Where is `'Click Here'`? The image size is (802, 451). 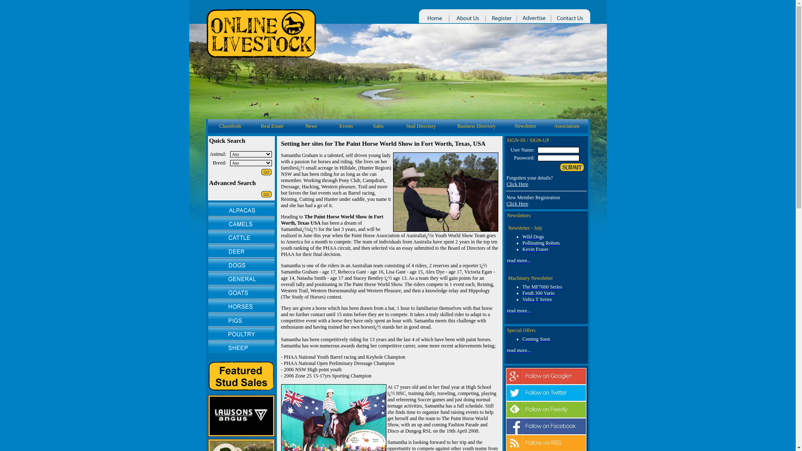 'Click Here' is located at coordinates (517, 183).